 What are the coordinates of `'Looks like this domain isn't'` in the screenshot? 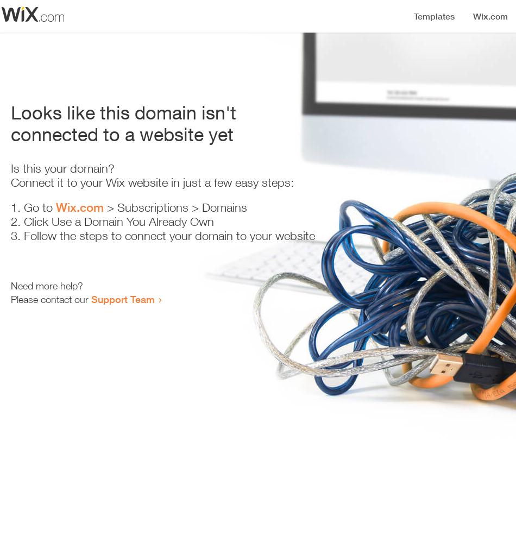 It's located at (123, 112).